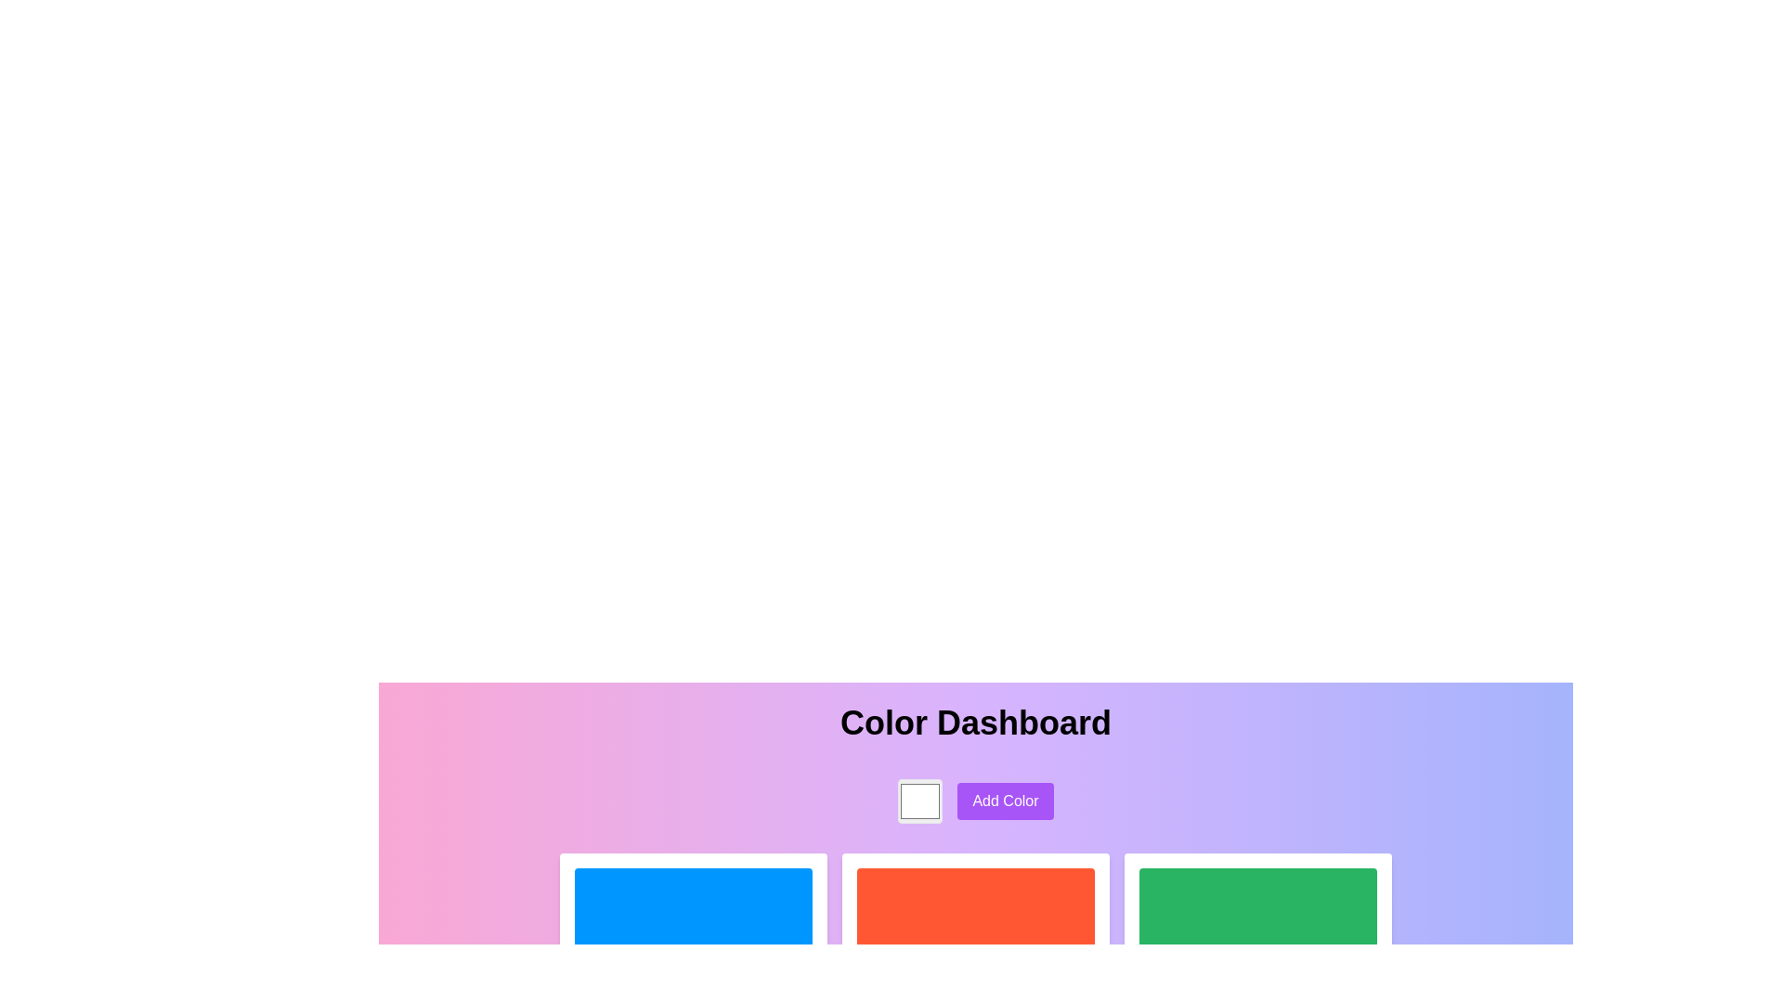 This screenshot has height=1003, width=1783. I want to click on the 'Add Color' button, so click(1005, 801).